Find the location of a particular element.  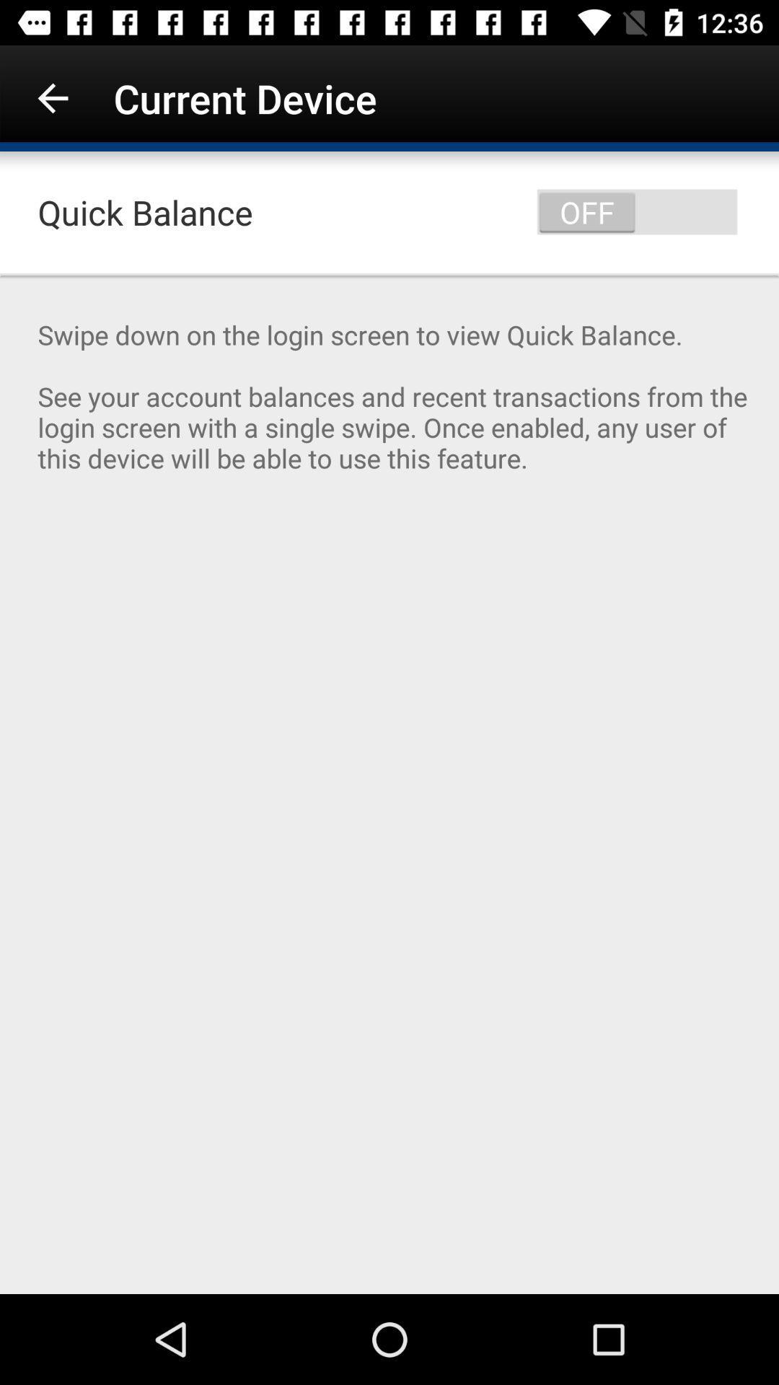

the item above the quick balance item is located at coordinates (52, 97).